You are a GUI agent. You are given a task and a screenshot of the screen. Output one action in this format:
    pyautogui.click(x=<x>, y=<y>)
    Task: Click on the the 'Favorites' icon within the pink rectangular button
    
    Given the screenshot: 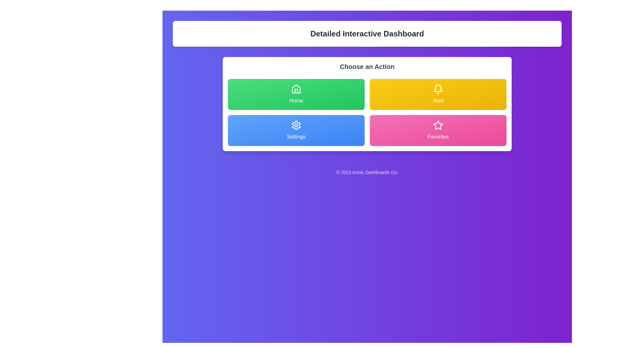 What is the action you would take?
    pyautogui.click(x=438, y=125)
    